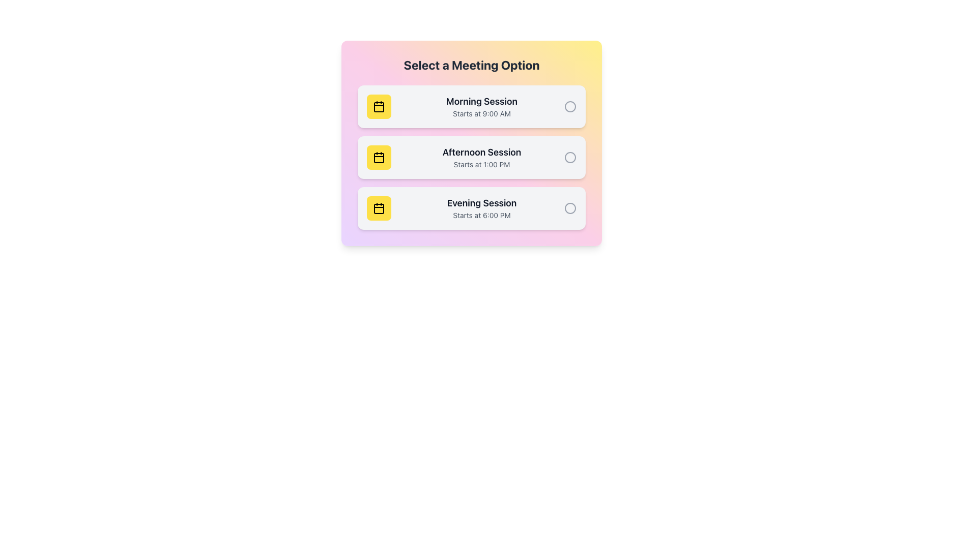 Image resolution: width=977 pixels, height=549 pixels. I want to click on the static text label for the second meeting option, which is centrally aligned between 'Morning Session' above and 'Starts at 1:00 PM' below, so click(481, 152).